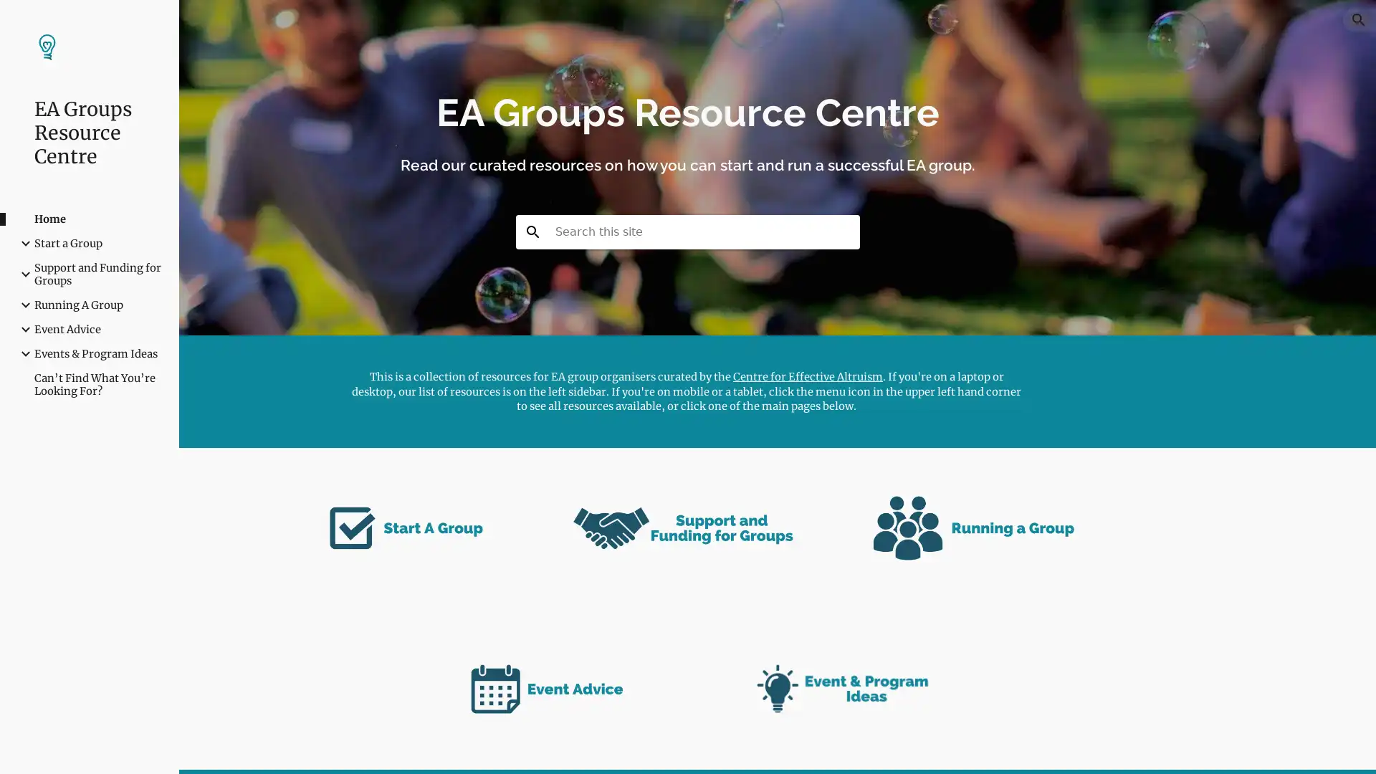 The image size is (1376, 774). I want to click on Site actions, so click(204, 748).